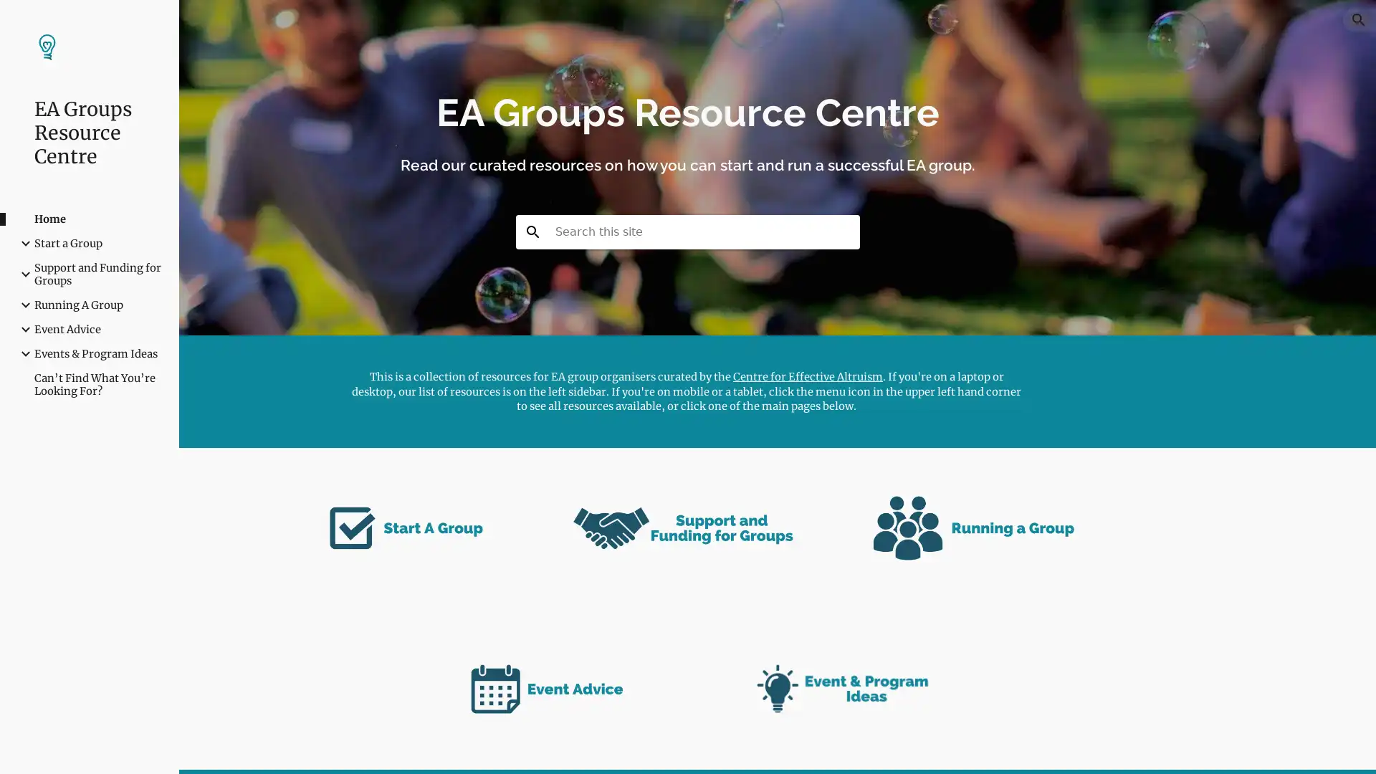 The image size is (1376, 774). I want to click on Site actions, so click(204, 748).